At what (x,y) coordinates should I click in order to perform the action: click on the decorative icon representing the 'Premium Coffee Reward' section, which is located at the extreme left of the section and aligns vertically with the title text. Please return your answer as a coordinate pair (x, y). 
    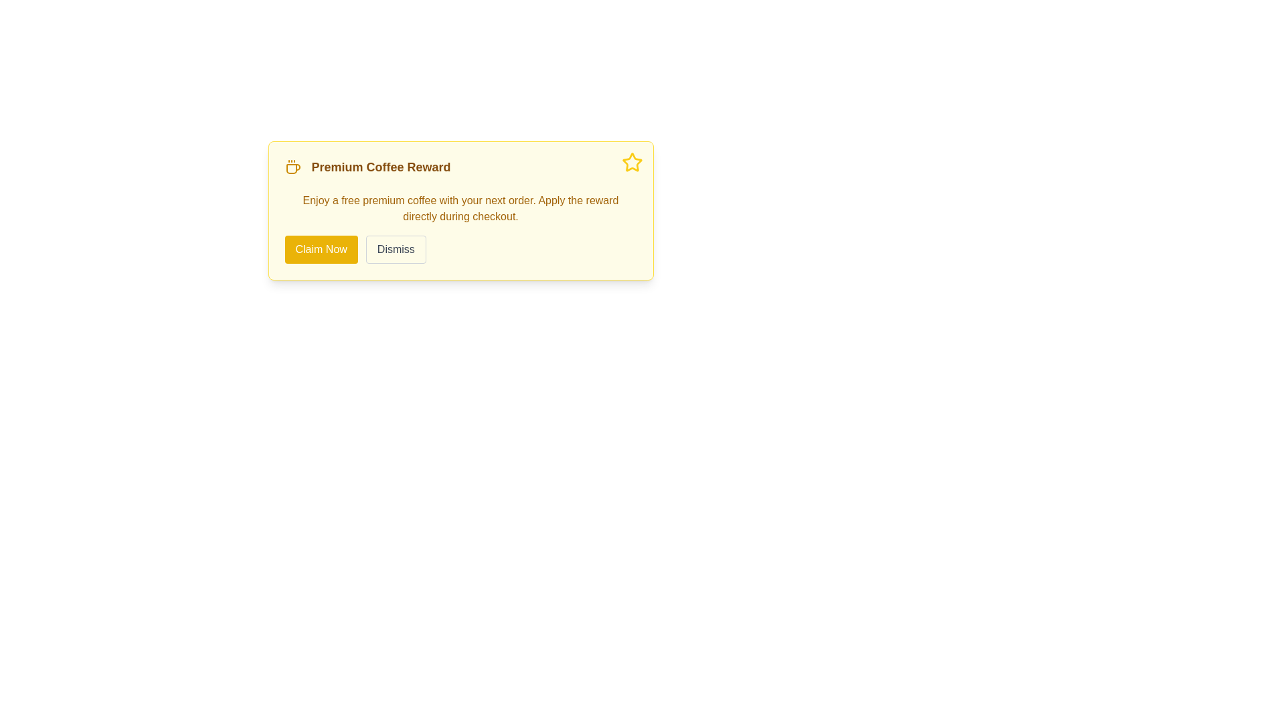
    Looking at the image, I should click on (292, 167).